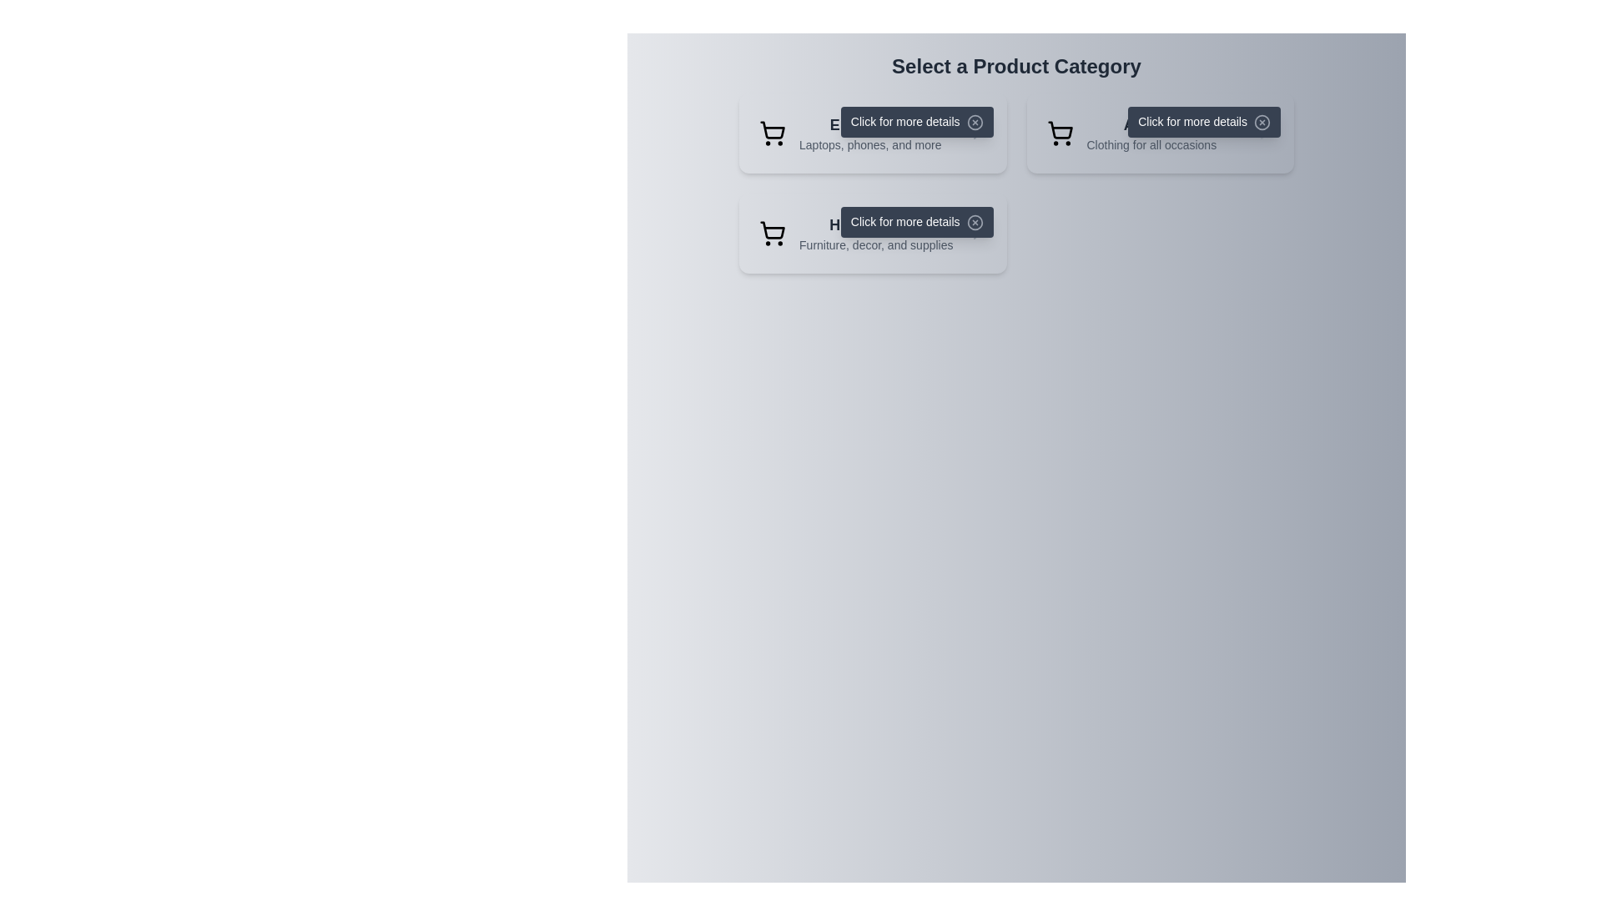  Describe the element at coordinates (916, 121) in the screenshot. I see `the button labeled 'Click for more details' with a dark-gray background and white text` at that location.